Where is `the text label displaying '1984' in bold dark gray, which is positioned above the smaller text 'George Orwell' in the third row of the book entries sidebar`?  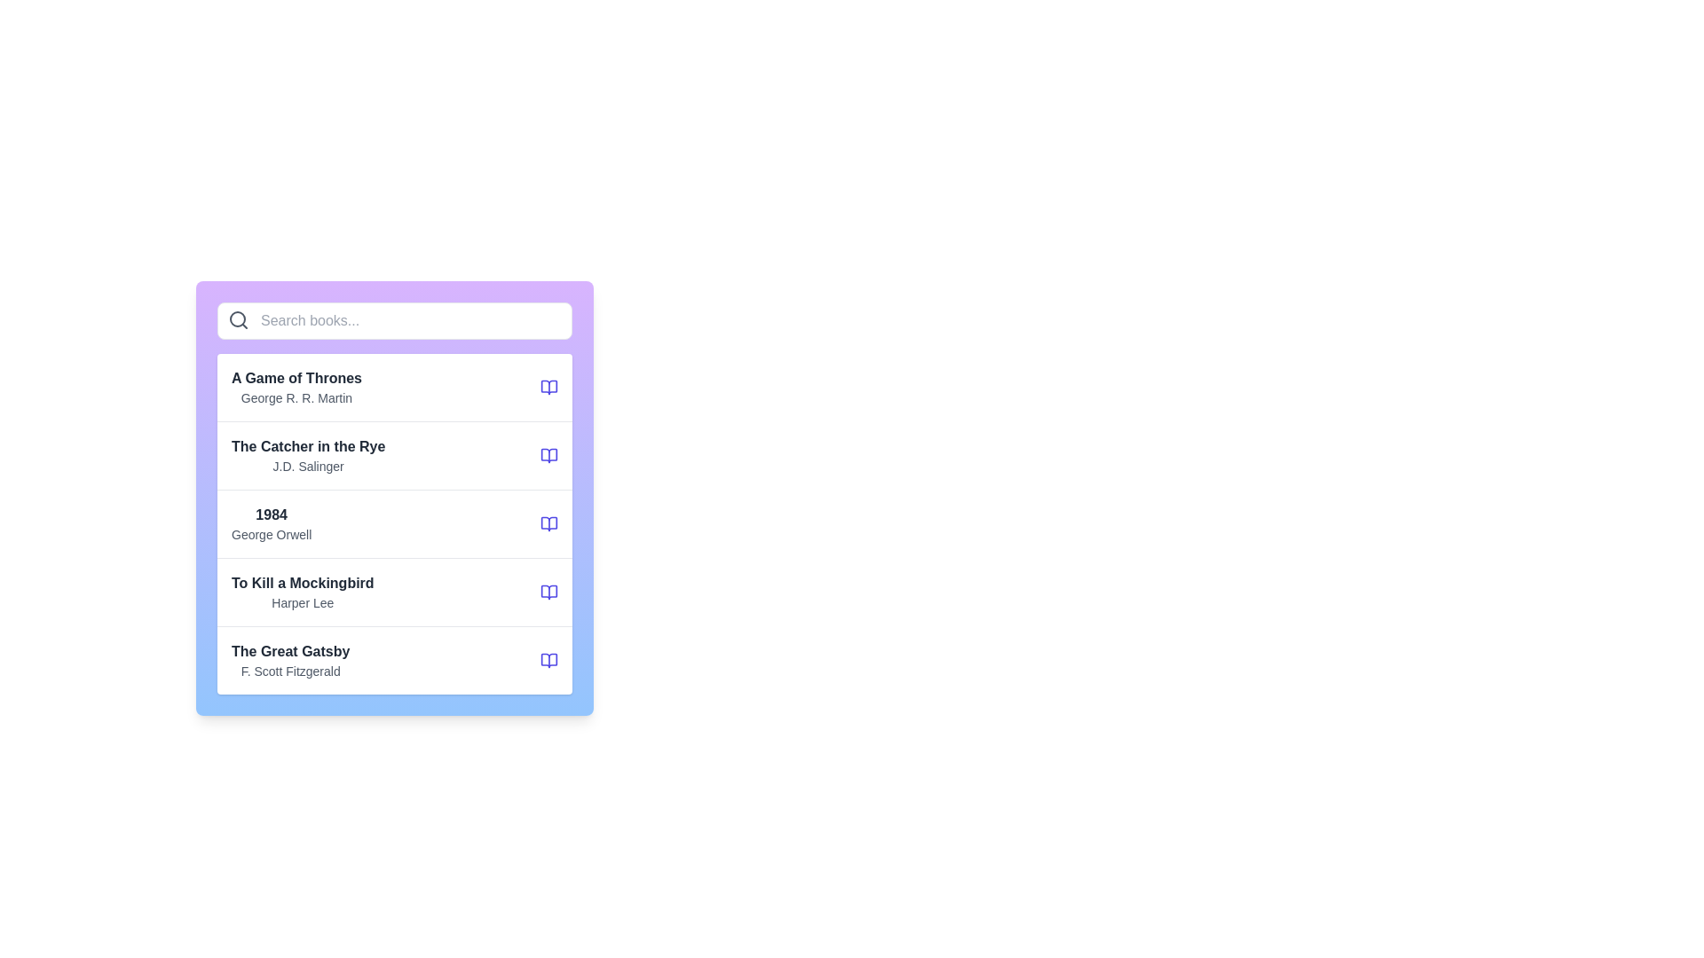 the text label displaying '1984' in bold dark gray, which is positioned above the smaller text 'George Orwell' in the third row of the book entries sidebar is located at coordinates (271, 515).